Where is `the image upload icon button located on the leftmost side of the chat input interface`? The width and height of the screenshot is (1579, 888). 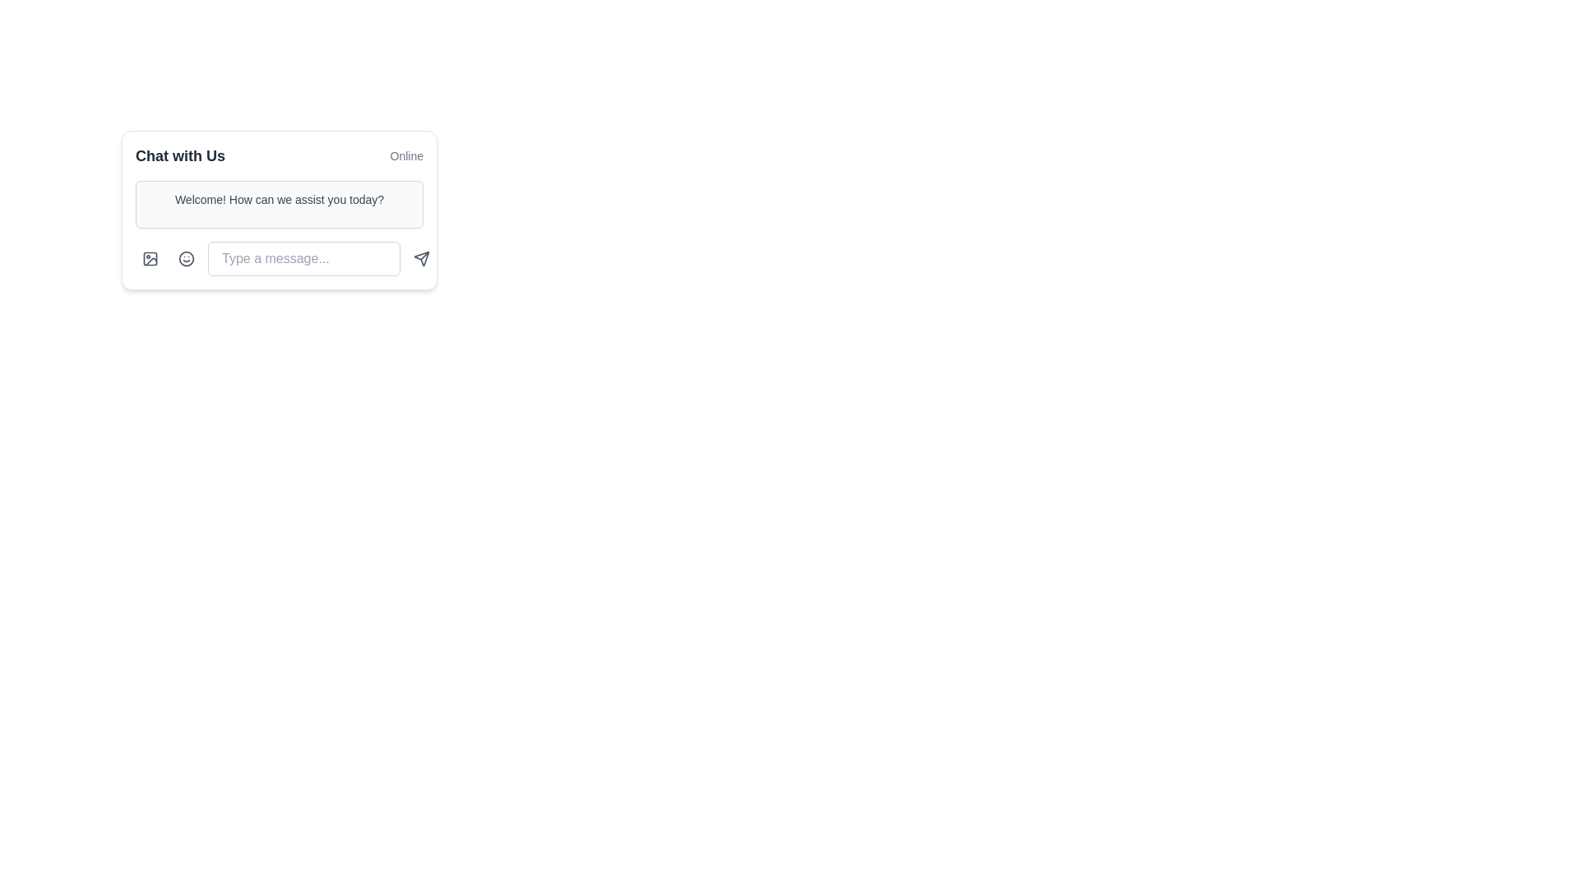 the image upload icon button located on the leftmost side of the chat input interface is located at coordinates (150, 259).